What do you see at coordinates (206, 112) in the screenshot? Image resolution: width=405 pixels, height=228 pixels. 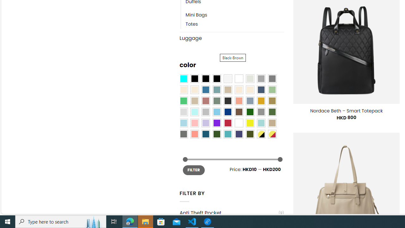 I see `'Silver'` at bounding box center [206, 112].